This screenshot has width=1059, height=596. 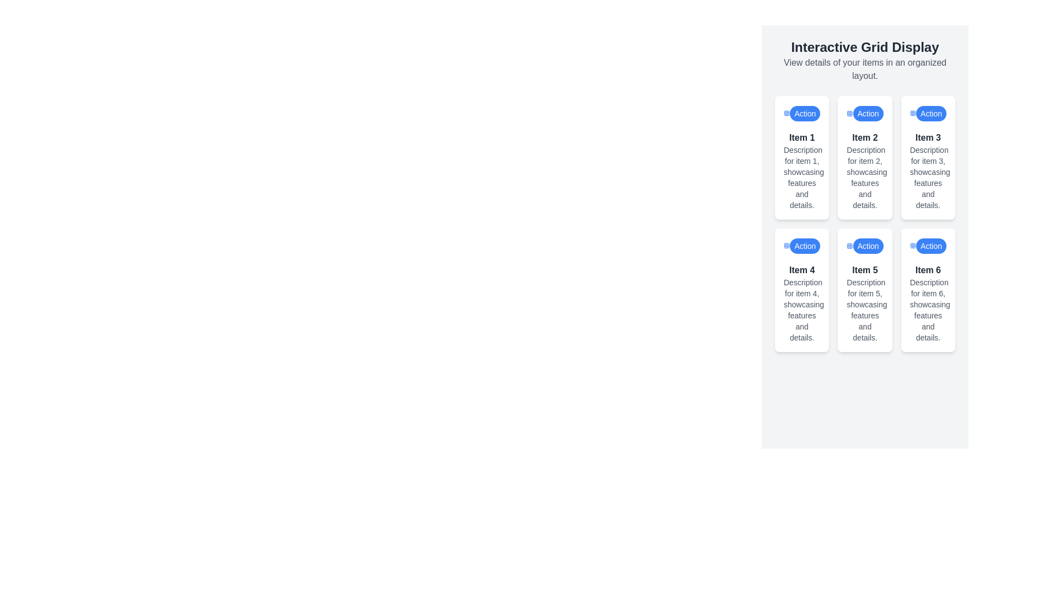 I want to click on the text label that reads 'View details of your items in an organized layout.' which is positioned below the title 'Interactive Grid Display', so click(x=864, y=70).